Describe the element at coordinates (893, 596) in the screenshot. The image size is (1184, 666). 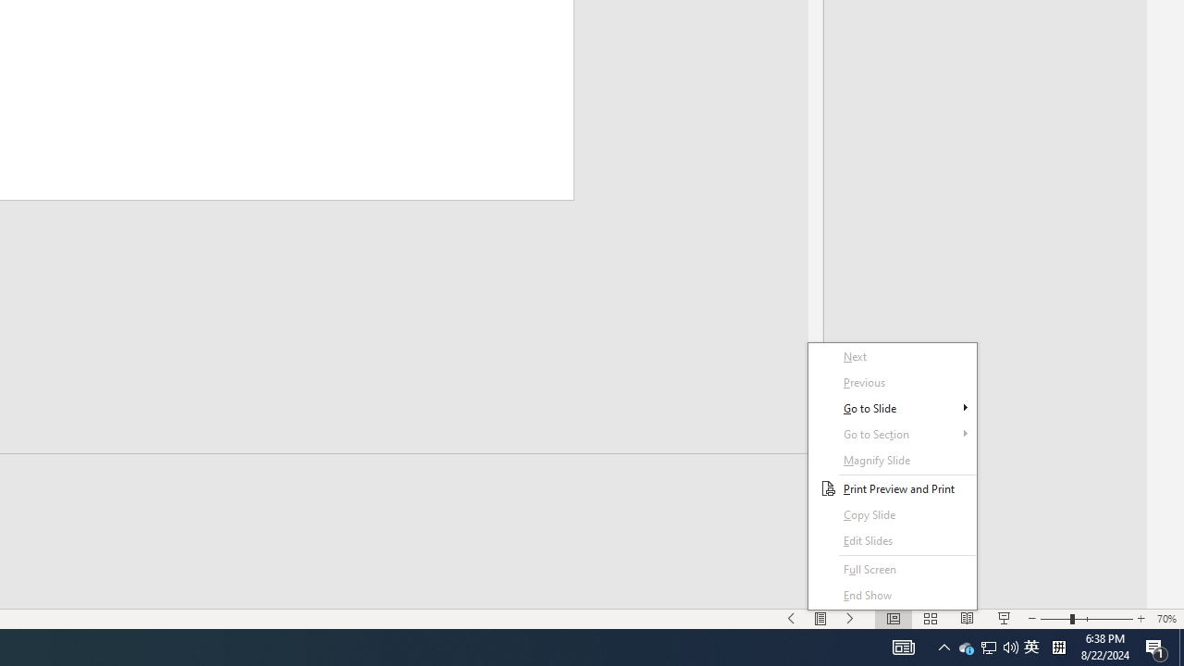
I see `'End Show'` at that location.